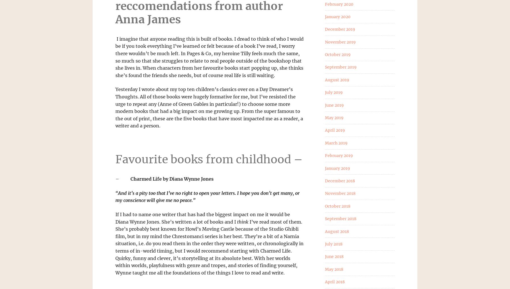 The image size is (510, 289). I want to click on 'April 2019', so click(334, 130).